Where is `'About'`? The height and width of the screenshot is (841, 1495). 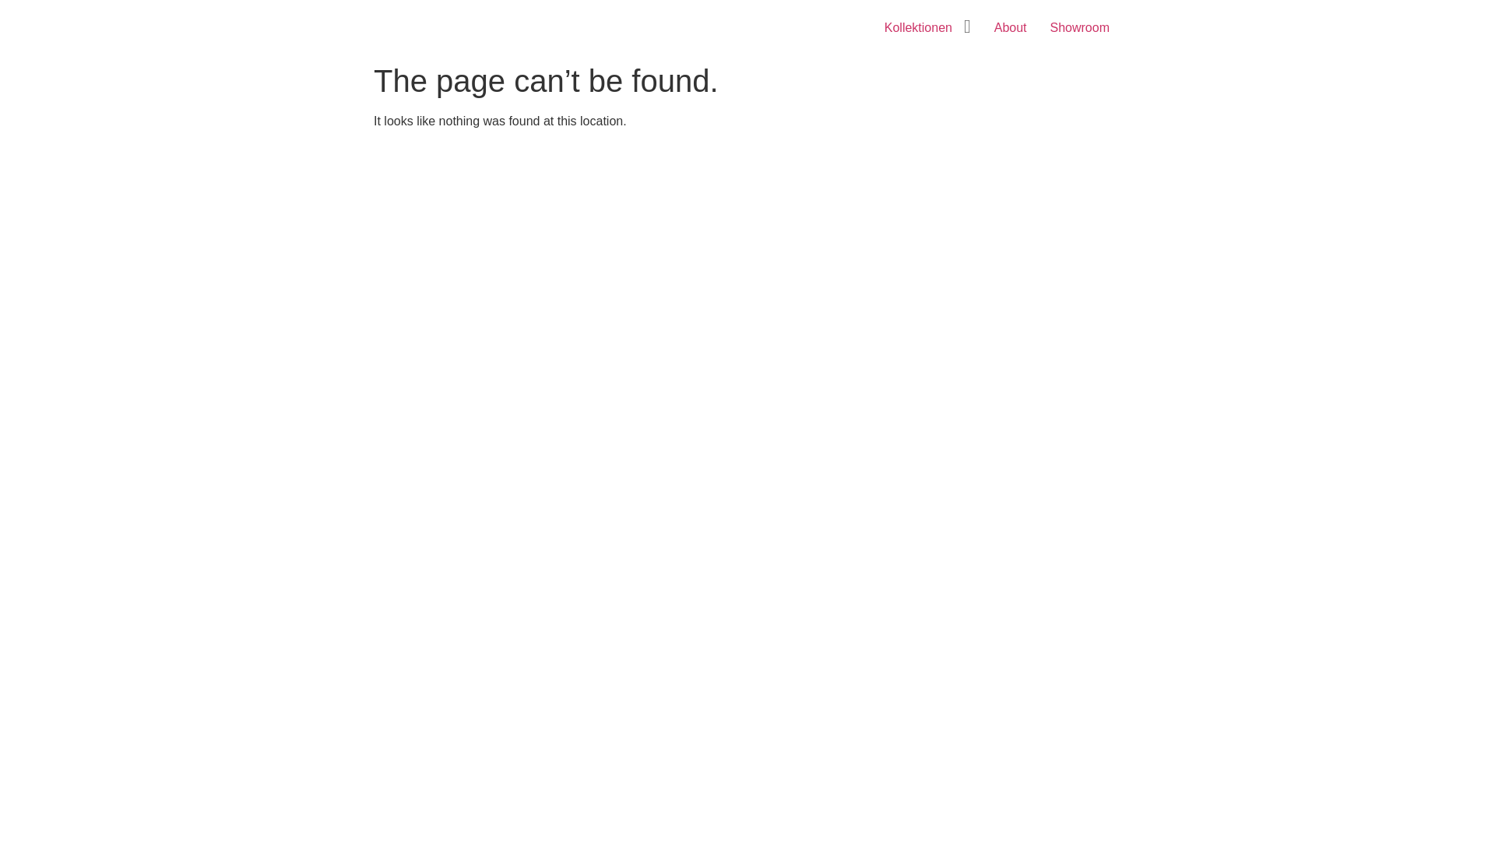 'About' is located at coordinates (1010, 27).